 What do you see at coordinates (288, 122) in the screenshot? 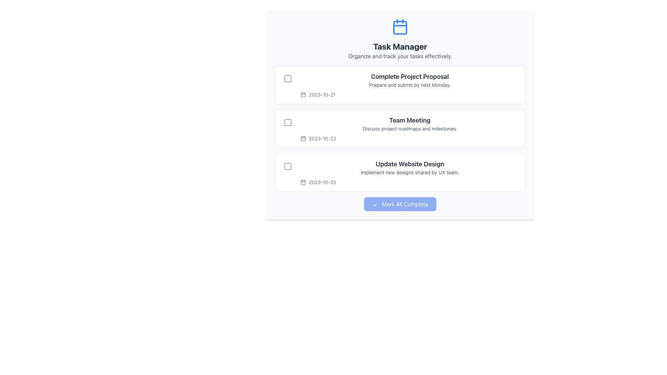
I see `the Checkbox-like toggle icon for the task 'Team Meeting'` at bounding box center [288, 122].